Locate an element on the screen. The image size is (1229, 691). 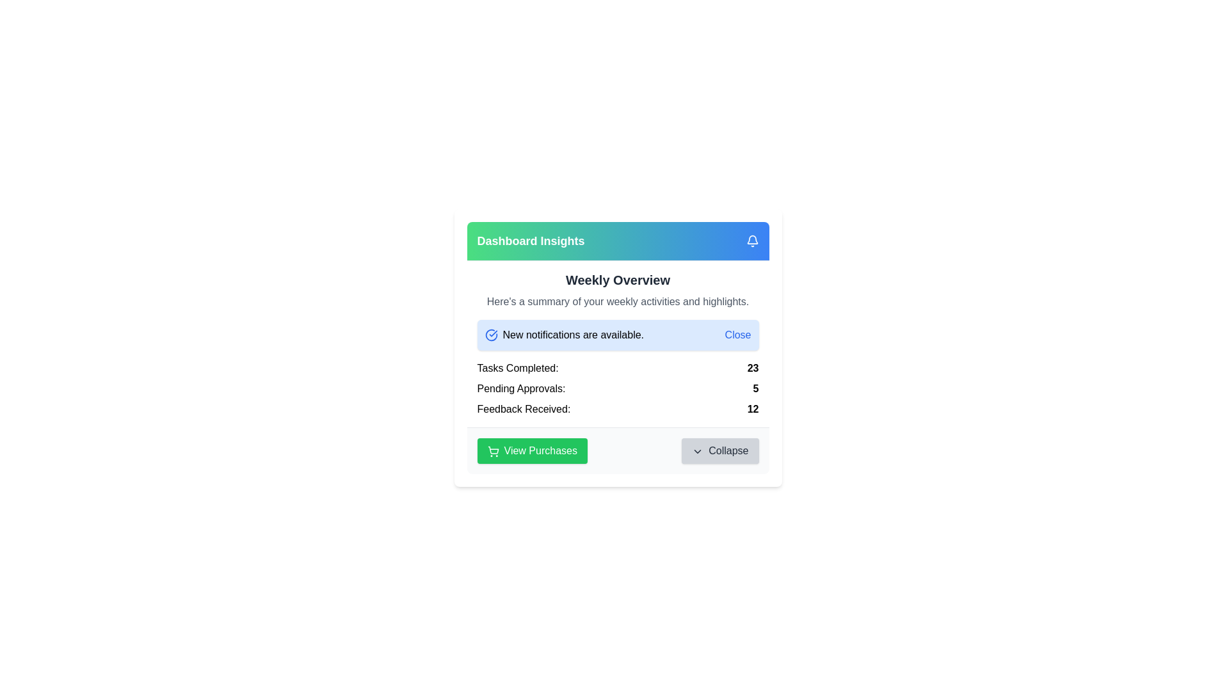
the notification status icon located to the left of the text 'New notifications are available' in the top section of the notification component is located at coordinates (490, 335).